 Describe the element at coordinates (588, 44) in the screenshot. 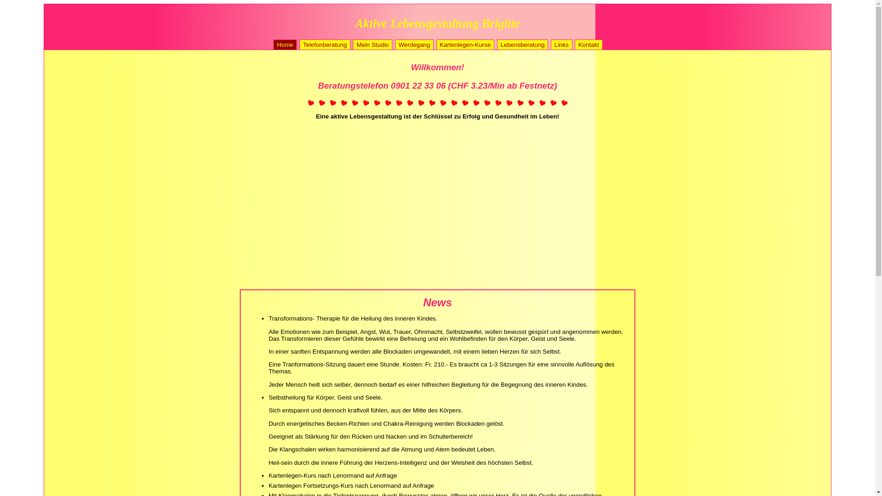

I see `'Kontakt'` at that location.